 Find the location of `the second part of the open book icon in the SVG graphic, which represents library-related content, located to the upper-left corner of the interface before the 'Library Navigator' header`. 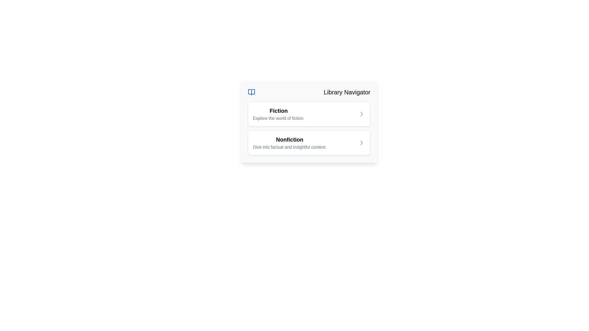

the second part of the open book icon in the SVG graphic, which represents library-related content, located to the upper-left corner of the interface before the 'Library Navigator' header is located at coordinates (251, 92).